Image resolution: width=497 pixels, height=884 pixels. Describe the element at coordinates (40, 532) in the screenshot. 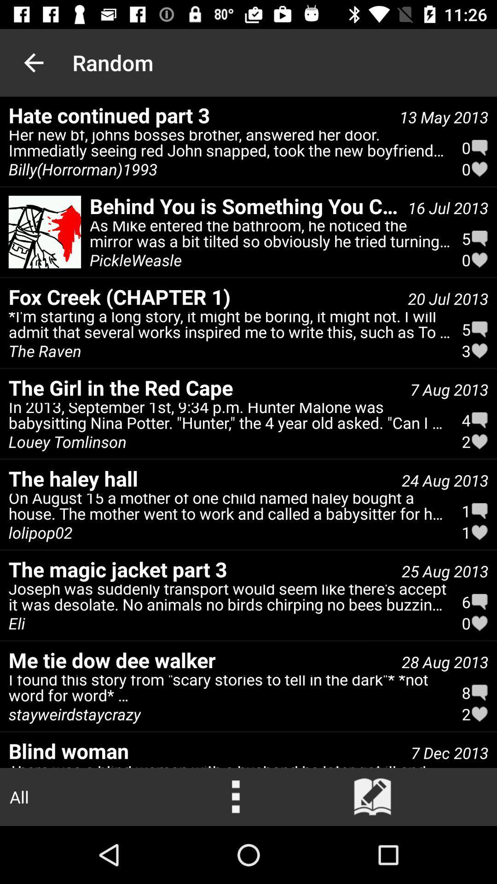

I see `the item to the left of 1 item` at that location.